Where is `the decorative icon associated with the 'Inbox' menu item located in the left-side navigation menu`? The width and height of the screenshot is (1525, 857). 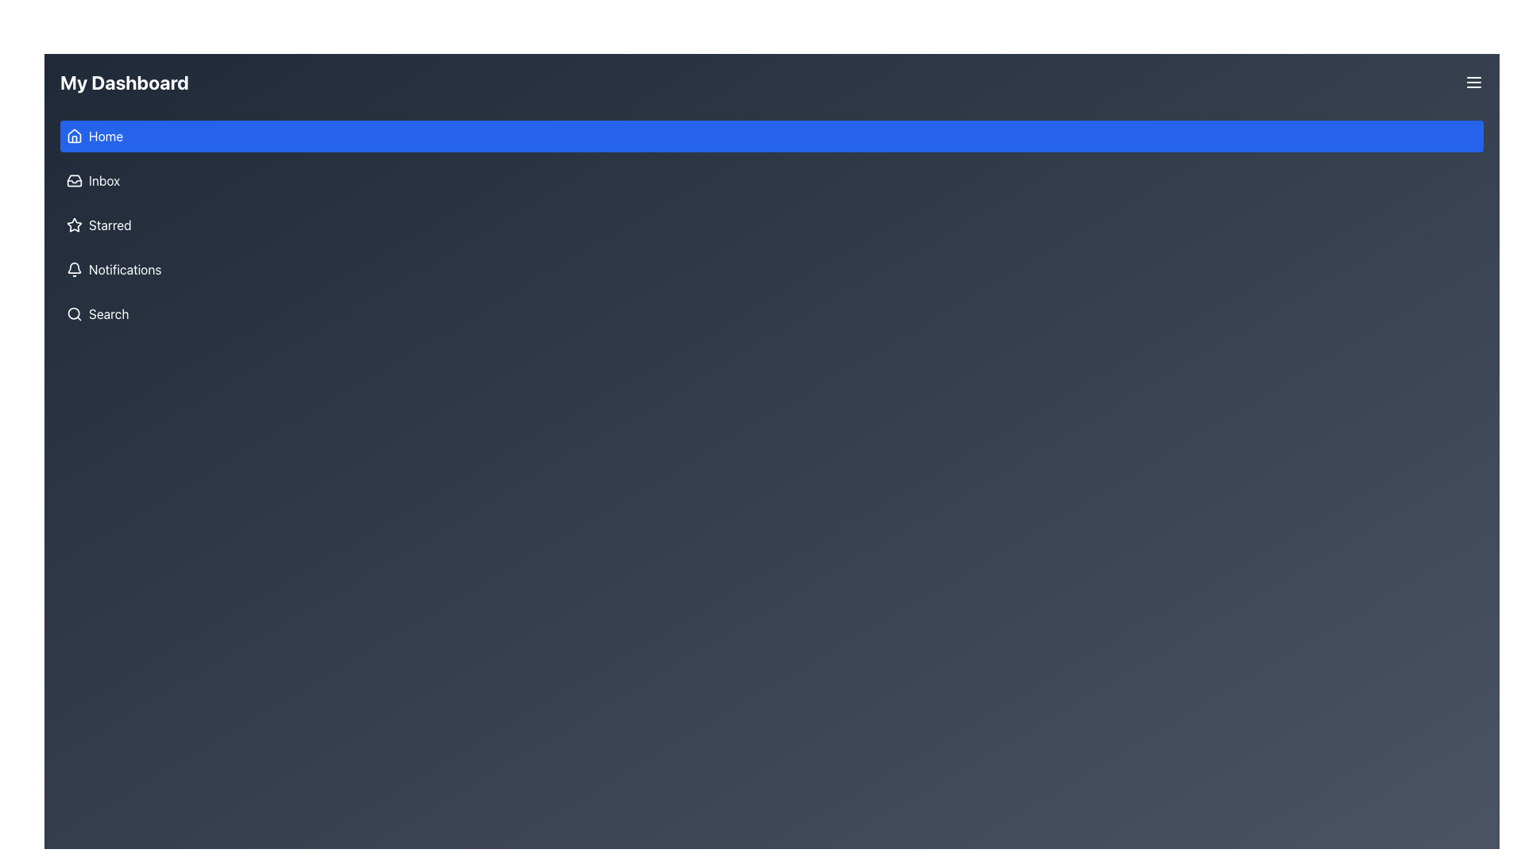 the decorative icon associated with the 'Inbox' menu item located in the left-side navigation menu is located at coordinates (74, 179).